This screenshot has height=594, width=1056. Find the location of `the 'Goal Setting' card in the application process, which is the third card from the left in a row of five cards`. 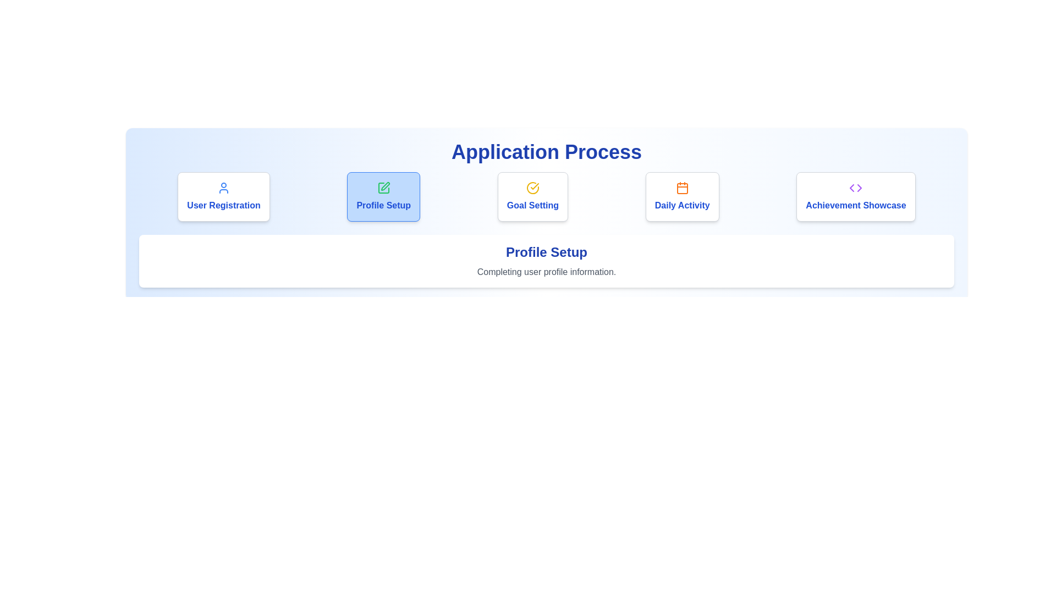

the 'Goal Setting' card in the application process, which is the third card from the left in a row of five cards is located at coordinates (533, 196).